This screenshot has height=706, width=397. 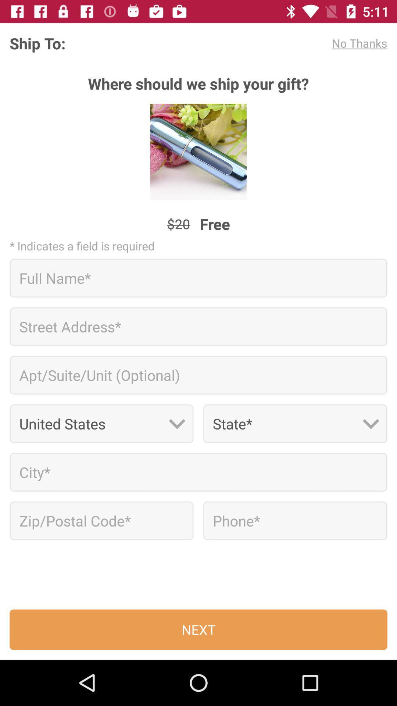 I want to click on street address, so click(x=198, y=326).